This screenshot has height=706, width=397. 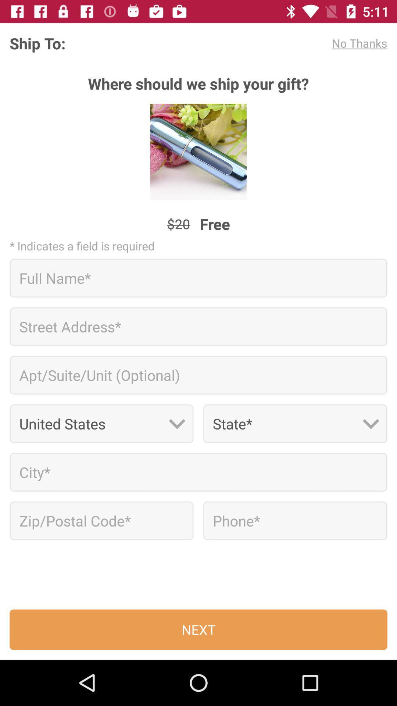 I want to click on street address, so click(x=198, y=326).